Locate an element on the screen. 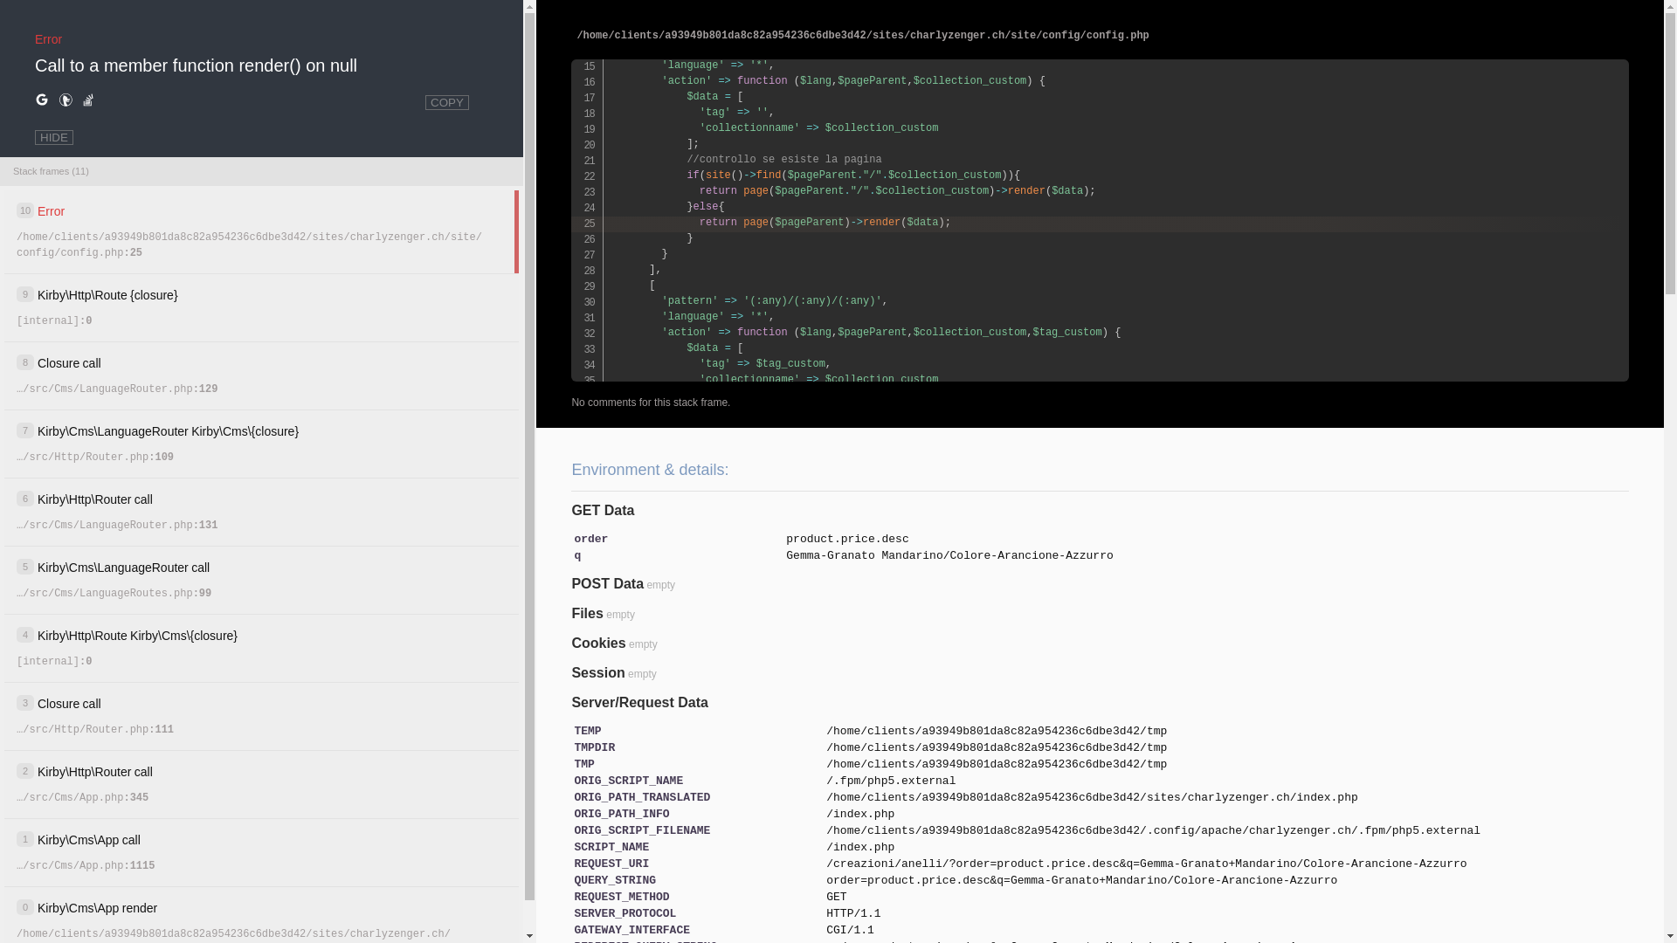 This screenshot has width=1677, height=943. 'Search for help on Stack Overflow.' is located at coordinates (86, 100).